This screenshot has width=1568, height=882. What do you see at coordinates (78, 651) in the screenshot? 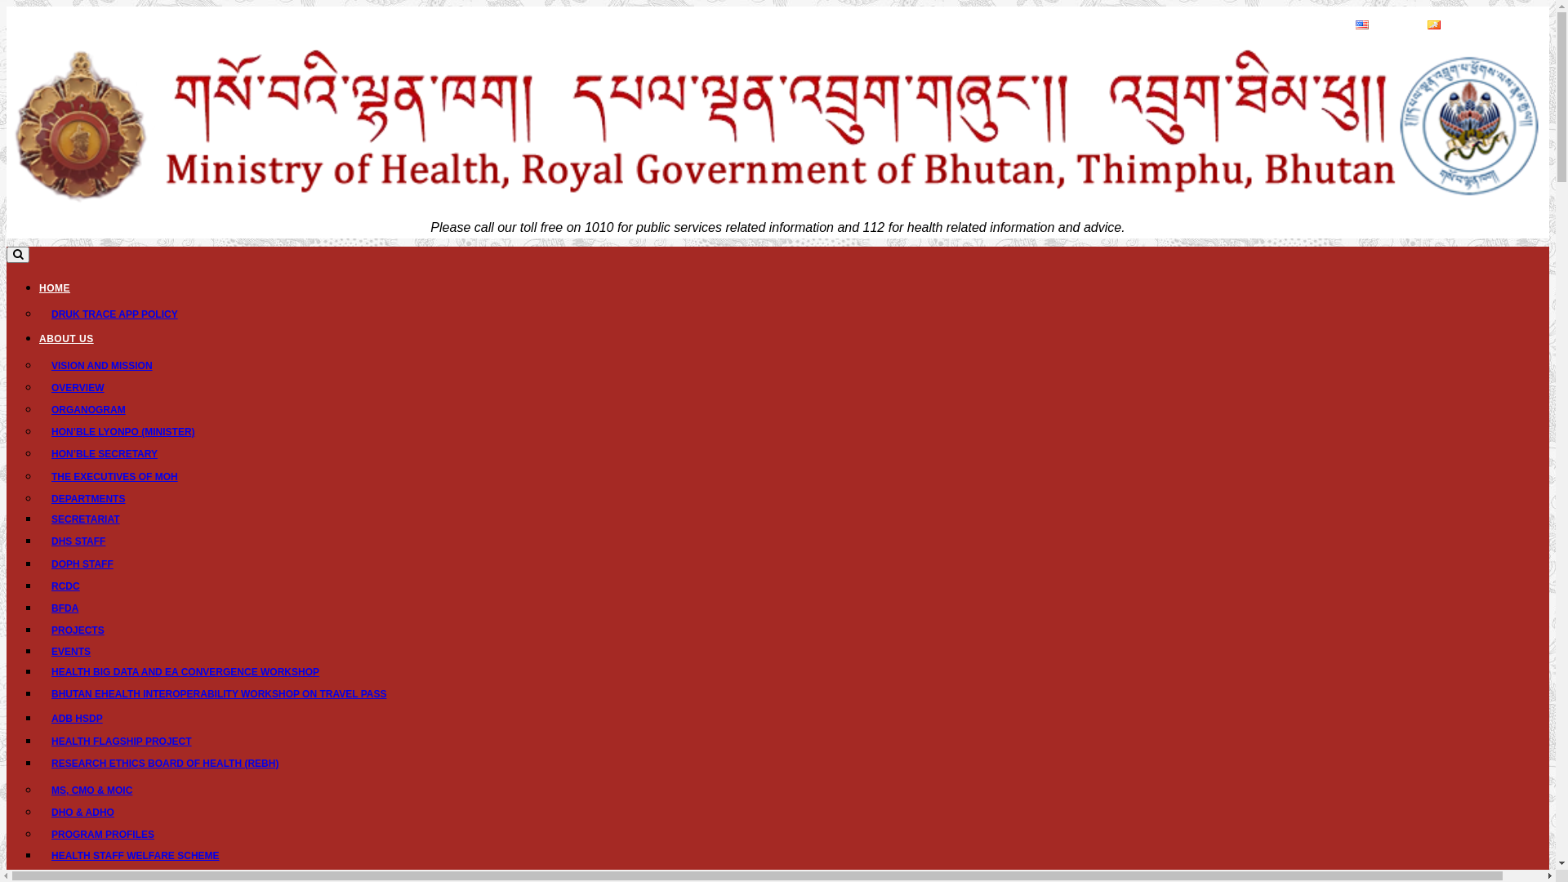
I see `'EVENTS'` at bounding box center [78, 651].